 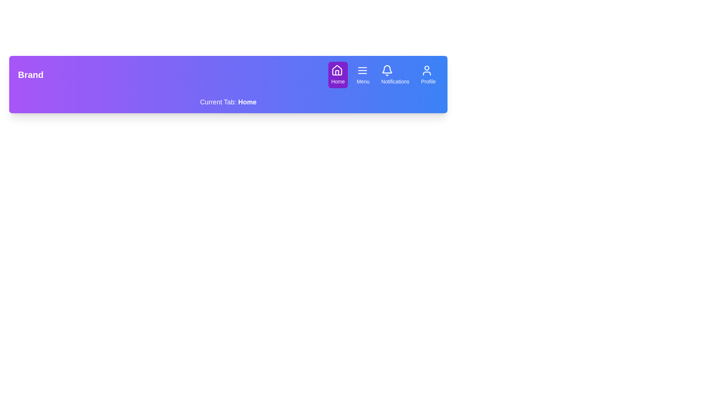 I want to click on the Navigation bar element, which features a gradient background and contains text and icons for 'Brand', 'Home', 'Menu', 'Notifications', and 'Profile', so click(x=228, y=75).